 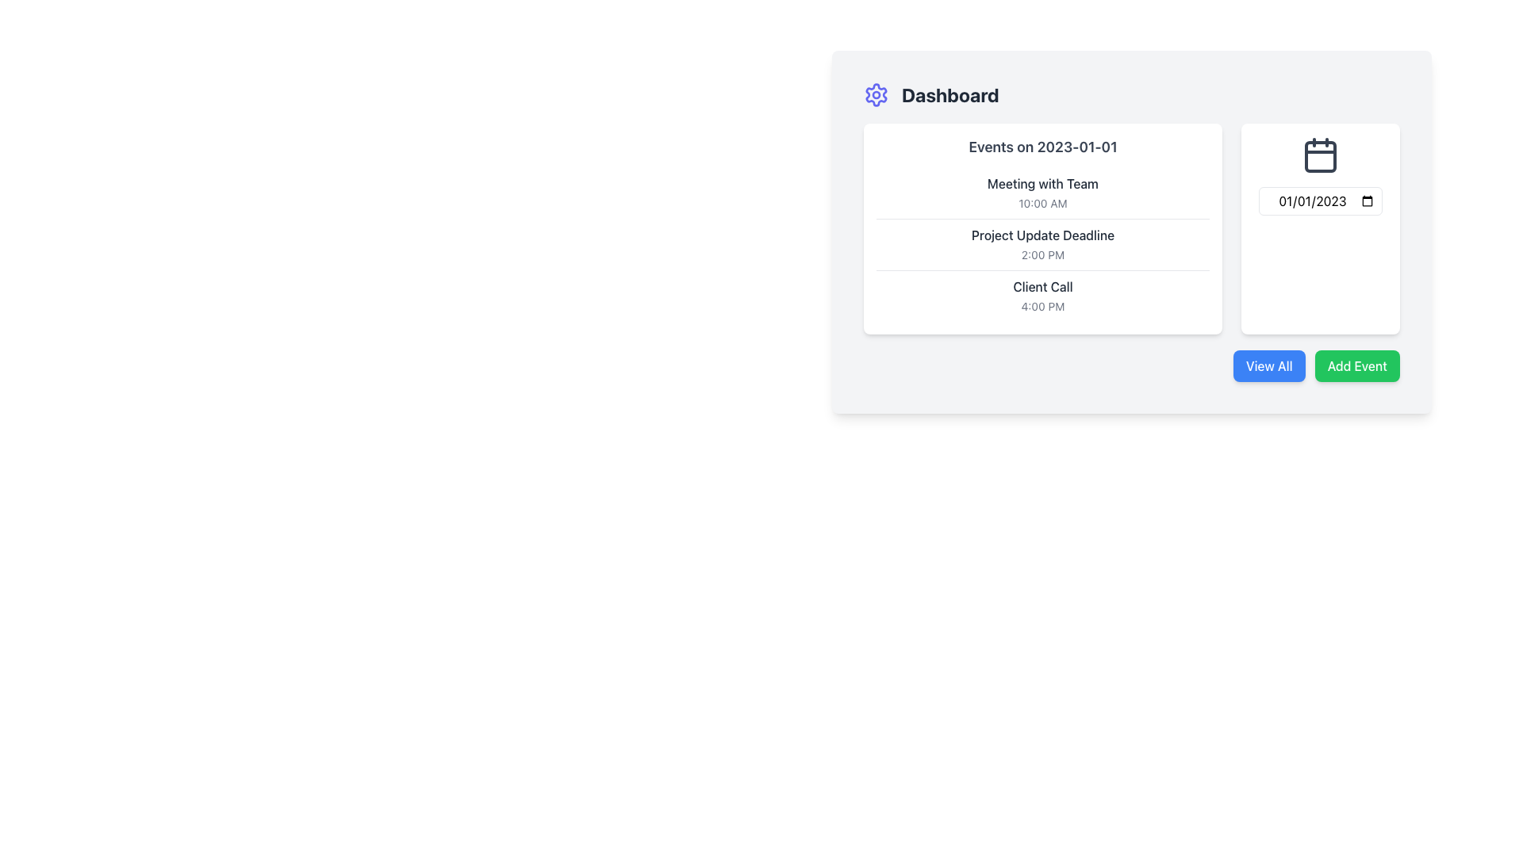 What do you see at coordinates (1043, 202) in the screenshot?
I see `text label displaying '10:00 AM' which indicates a meeting time, located below 'Meeting with Team' in the events section of the Dashboard page` at bounding box center [1043, 202].